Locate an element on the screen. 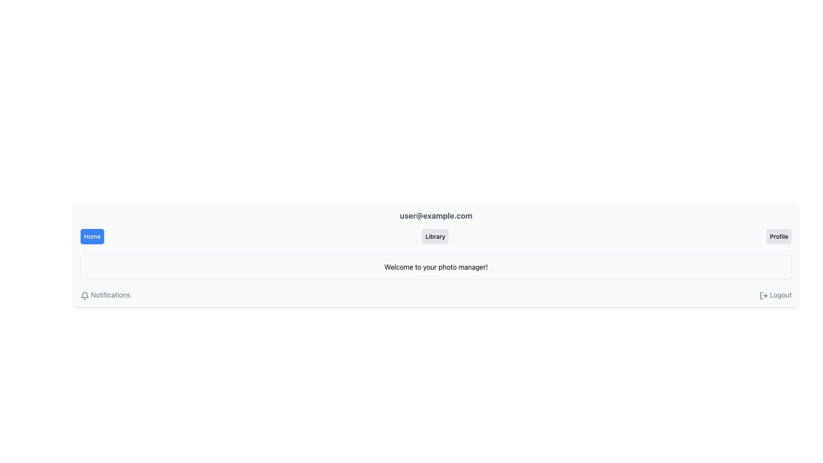 The width and height of the screenshot is (823, 463). the Notification bell icon, which is a minimalist design with a thin stroke outline, located adjacent to the 'Notifications' label in the lower-left section of the interface is located at coordinates (84, 295).